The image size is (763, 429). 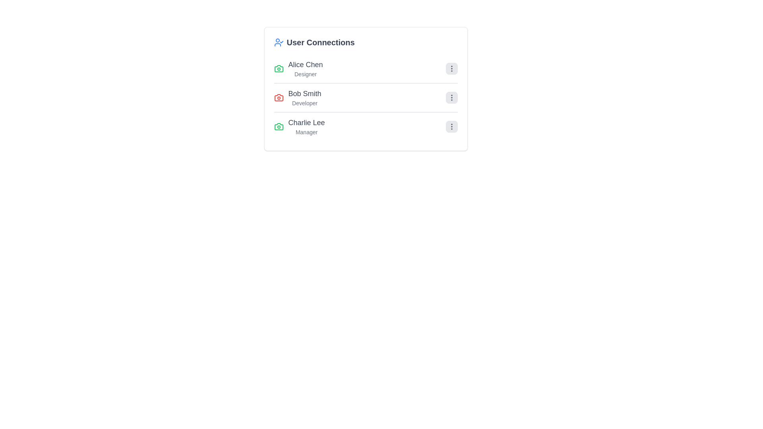 What do you see at coordinates (306, 122) in the screenshot?
I see `the text label displaying 'Charlie Lee' in bold font, part of a list entry above the subtitle 'Manager'` at bounding box center [306, 122].